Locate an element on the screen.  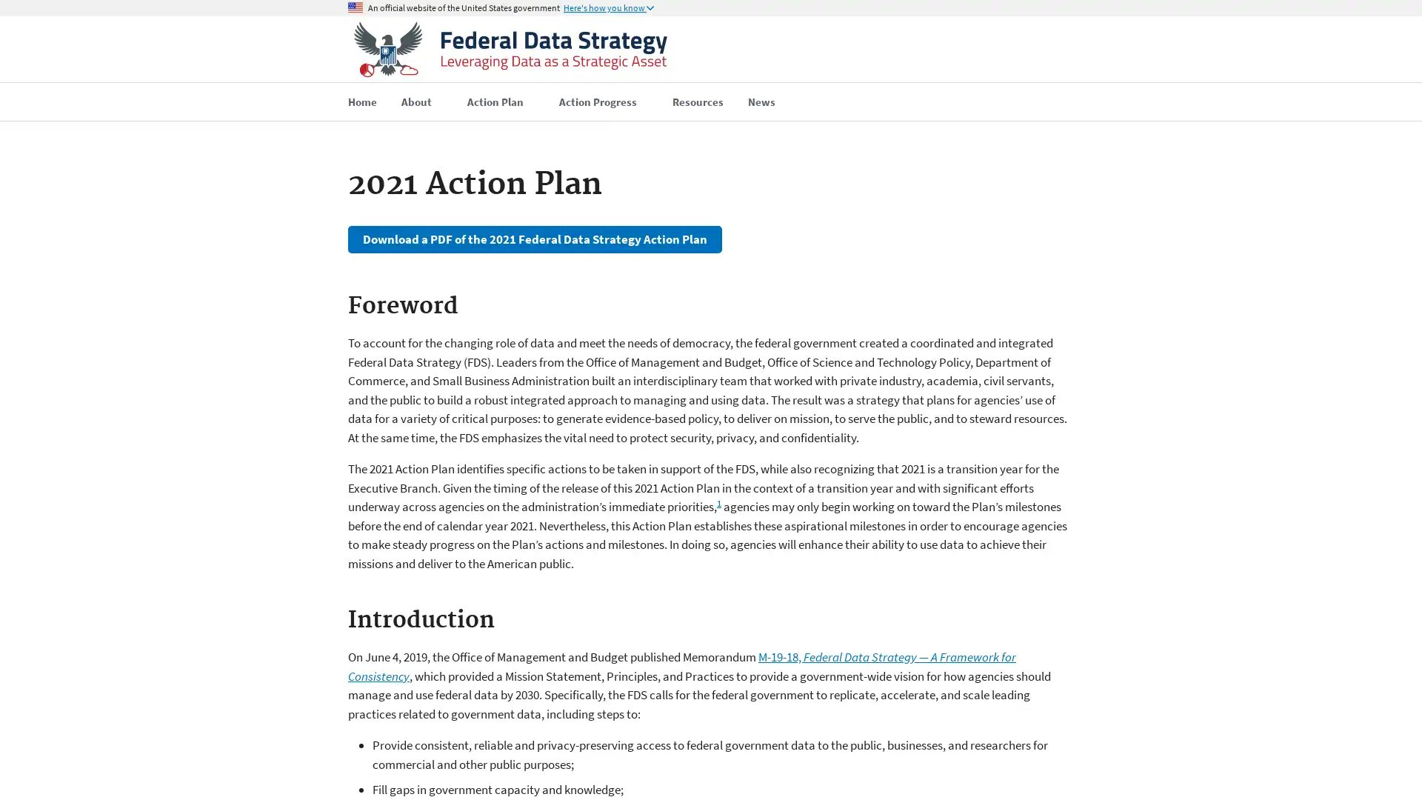
Action Progress is located at coordinates (604, 101).